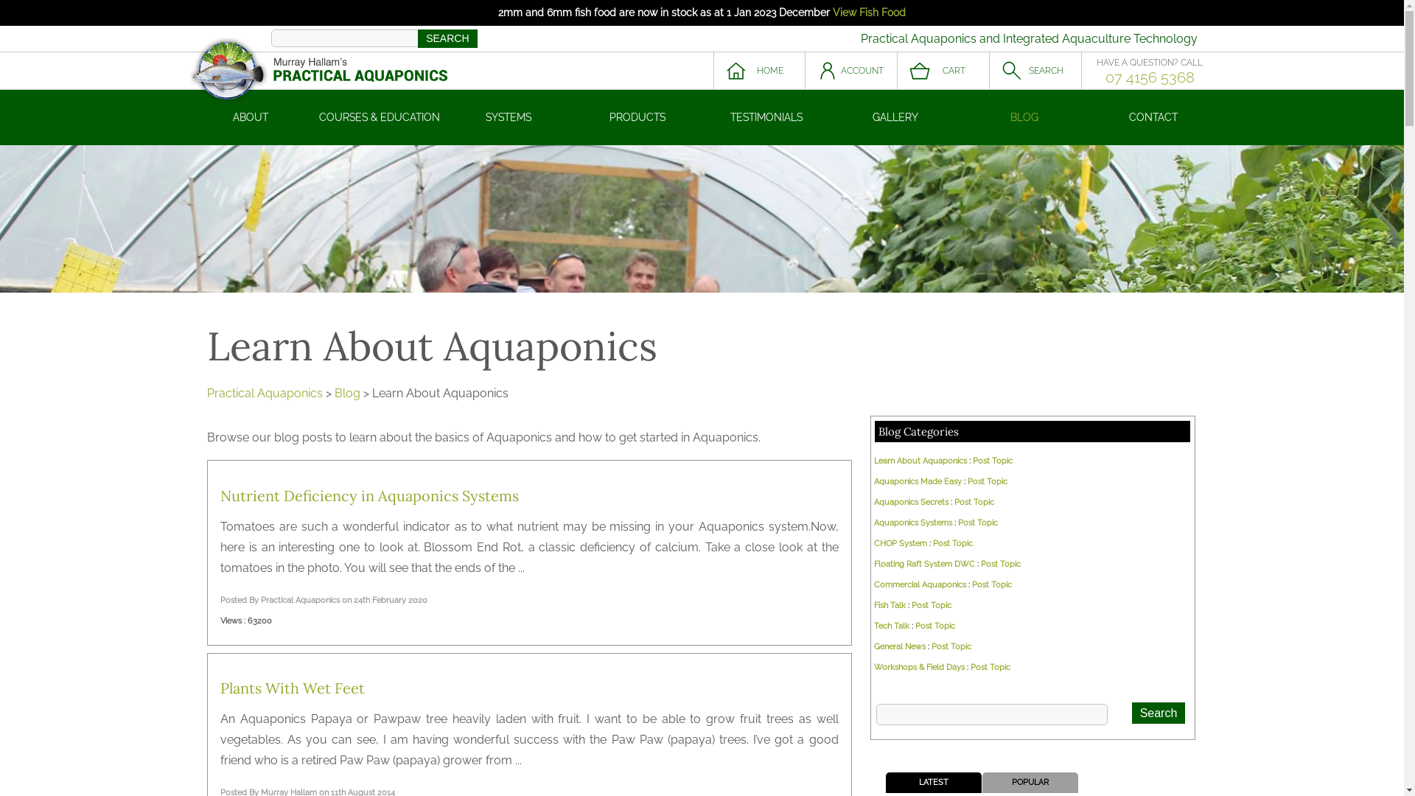 The height and width of the screenshot is (796, 1415). I want to click on 'Floating Raft System DWC', so click(873, 564).